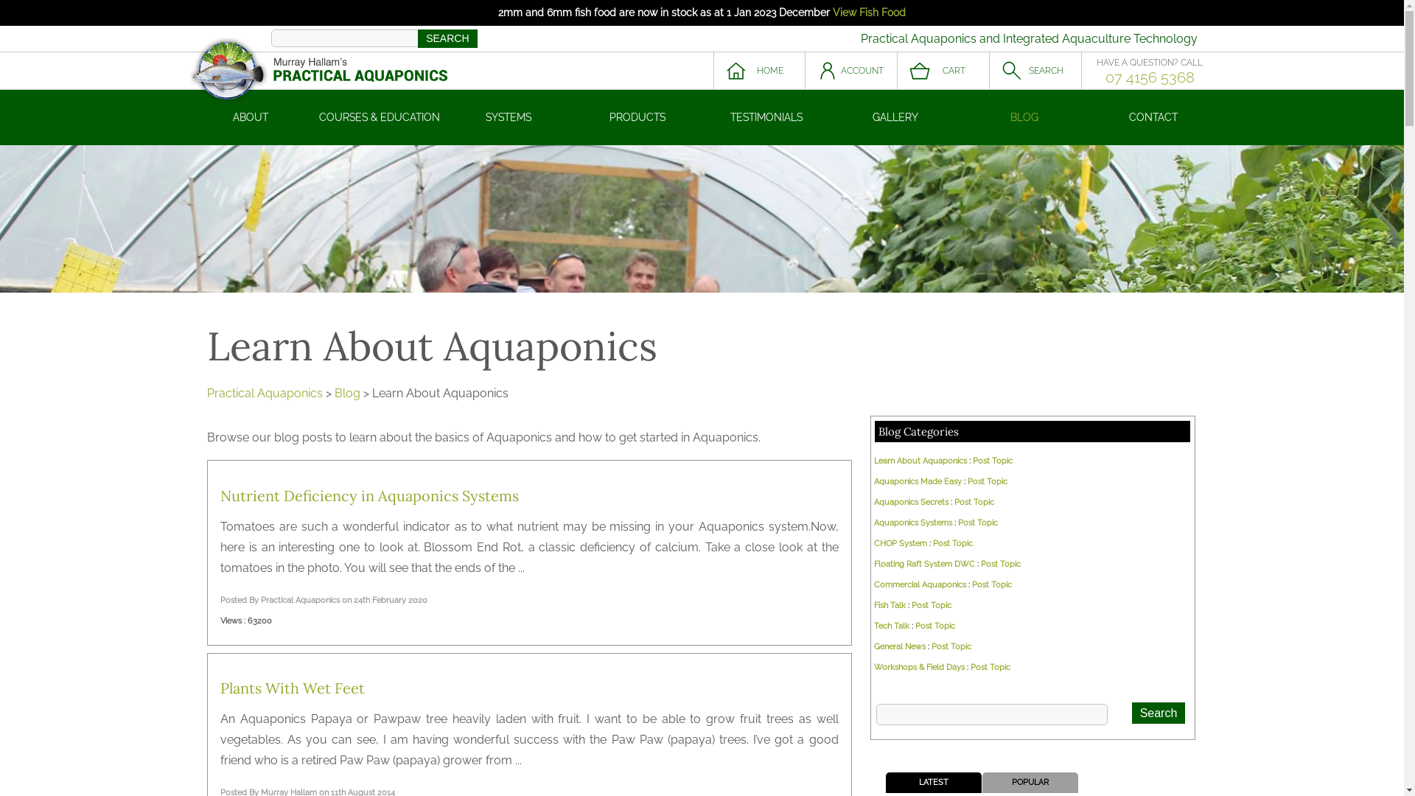 The height and width of the screenshot is (796, 1415). I want to click on 'Floating Raft System DWC', so click(873, 564).